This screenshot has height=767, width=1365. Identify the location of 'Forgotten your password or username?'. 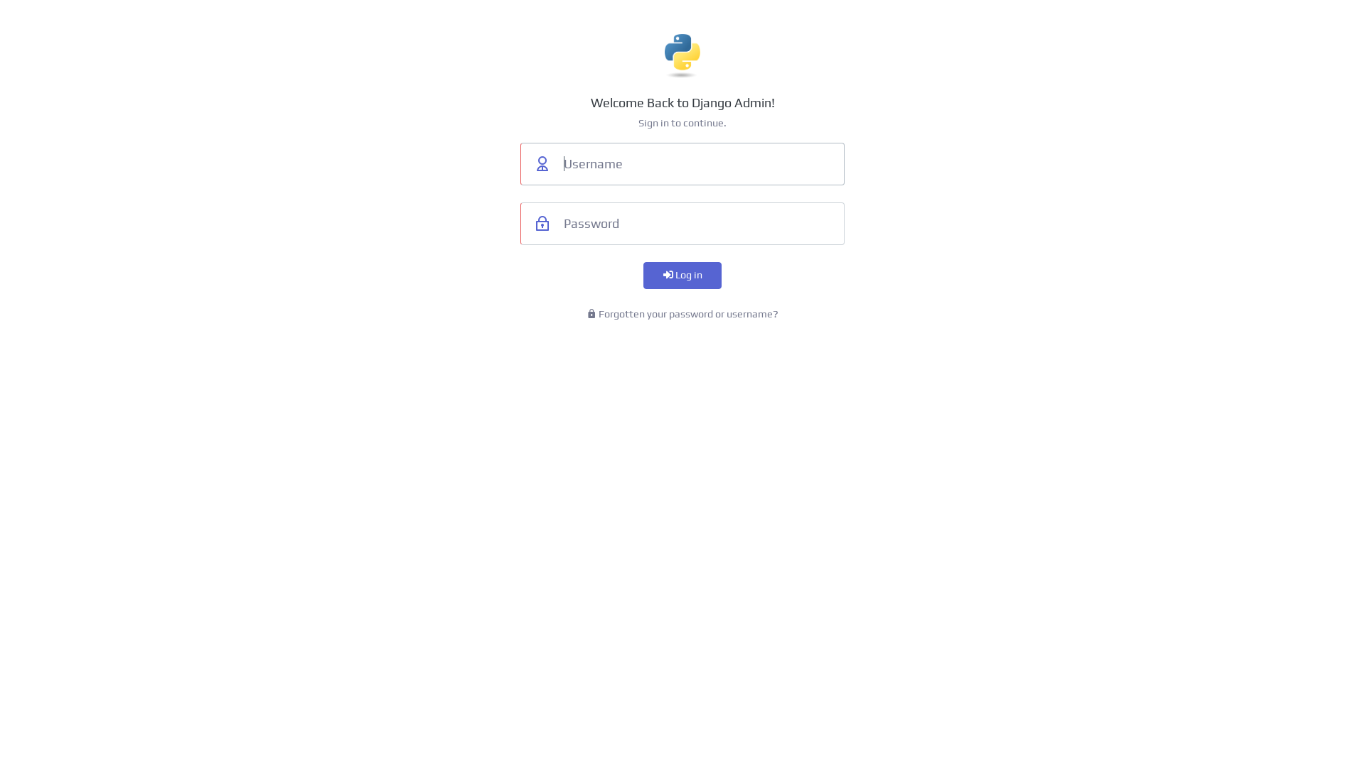
(682, 313).